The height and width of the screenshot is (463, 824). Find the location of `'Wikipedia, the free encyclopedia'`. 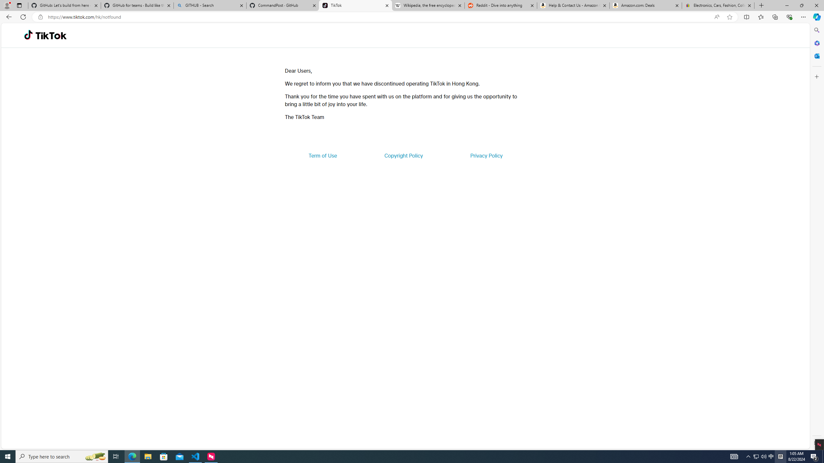

'Wikipedia, the free encyclopedia' is located at coordinates (427, 5).